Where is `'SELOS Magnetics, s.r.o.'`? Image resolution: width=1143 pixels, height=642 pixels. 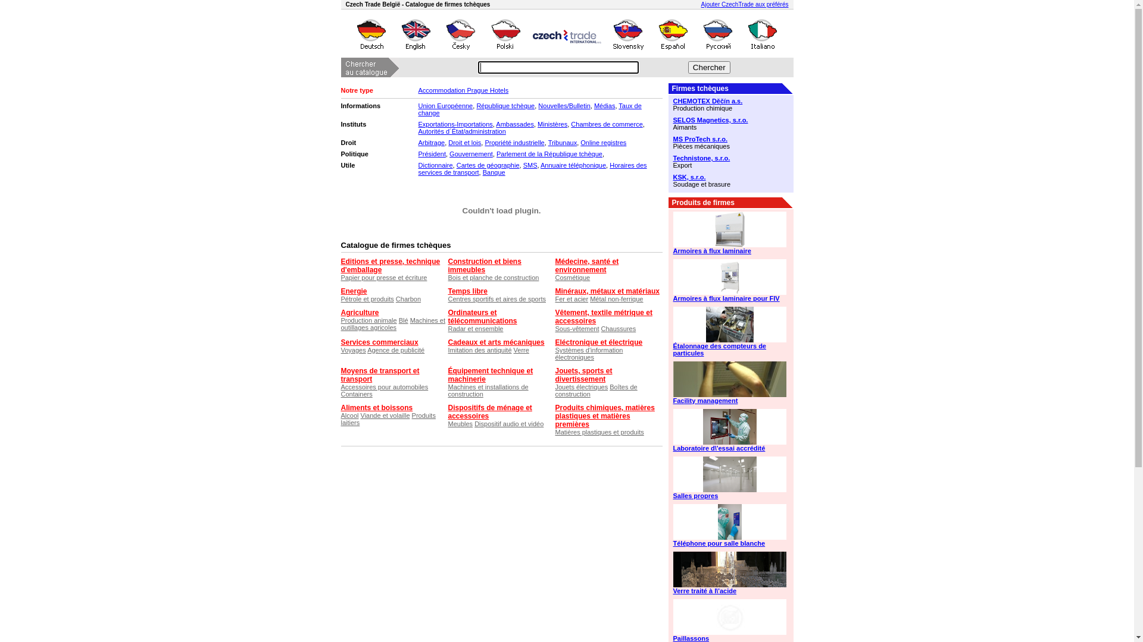 'SELOS Magnetics, s.r.o.' is located at coordinates (730, 119).